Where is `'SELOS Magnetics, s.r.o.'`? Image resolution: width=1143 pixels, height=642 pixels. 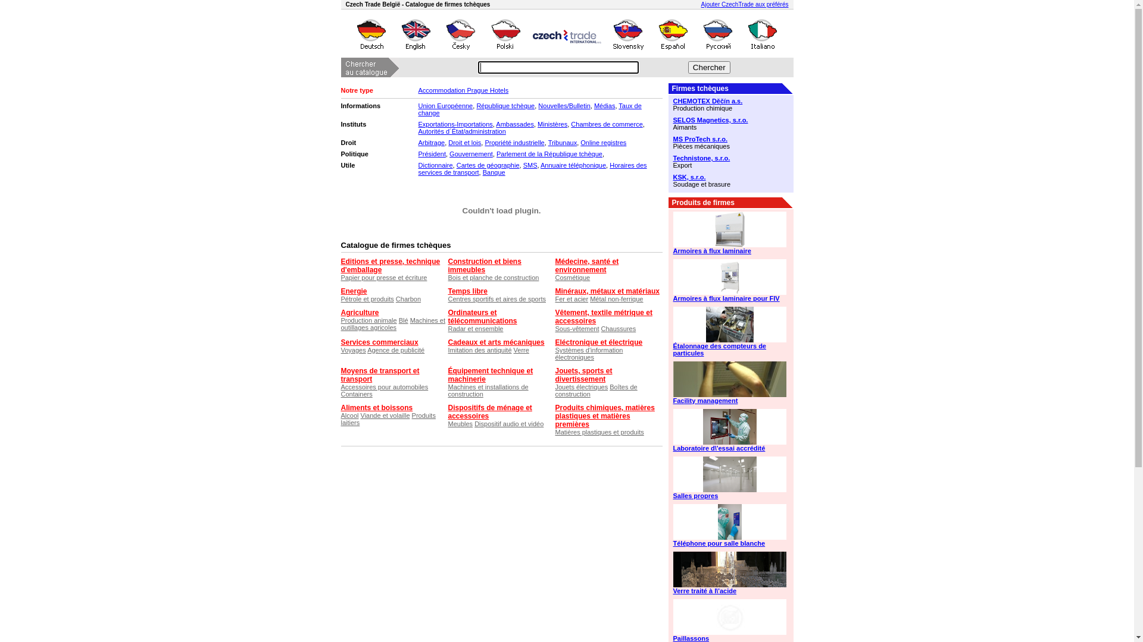 'SELOS Magnetics, s.r.o.' is located at coordinates (730, 119).